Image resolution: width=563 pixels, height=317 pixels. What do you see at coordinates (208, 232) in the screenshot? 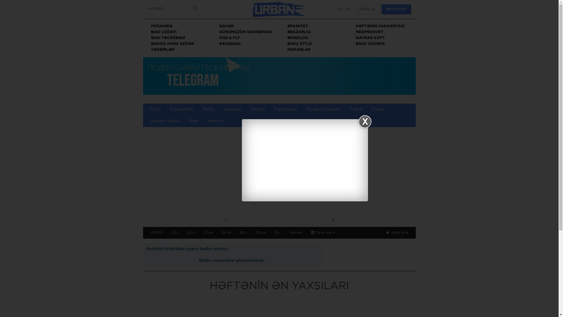
I see `'27.be'` at bounding box center [208, 232].